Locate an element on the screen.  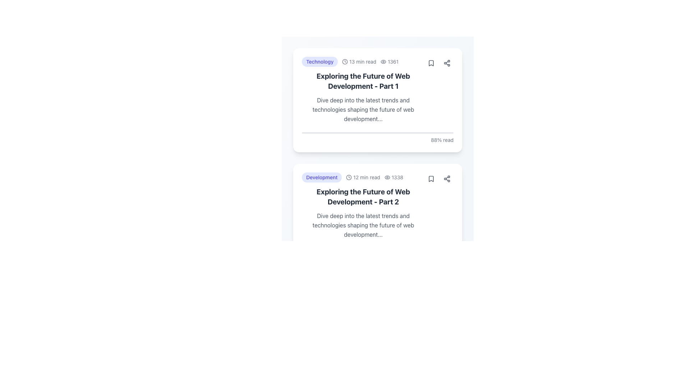
displayed information in the Article card header section titled 'Exploring the Future of Web Development - Part 1', which is clickable to access detailed information is located at coordinates (377, 89).